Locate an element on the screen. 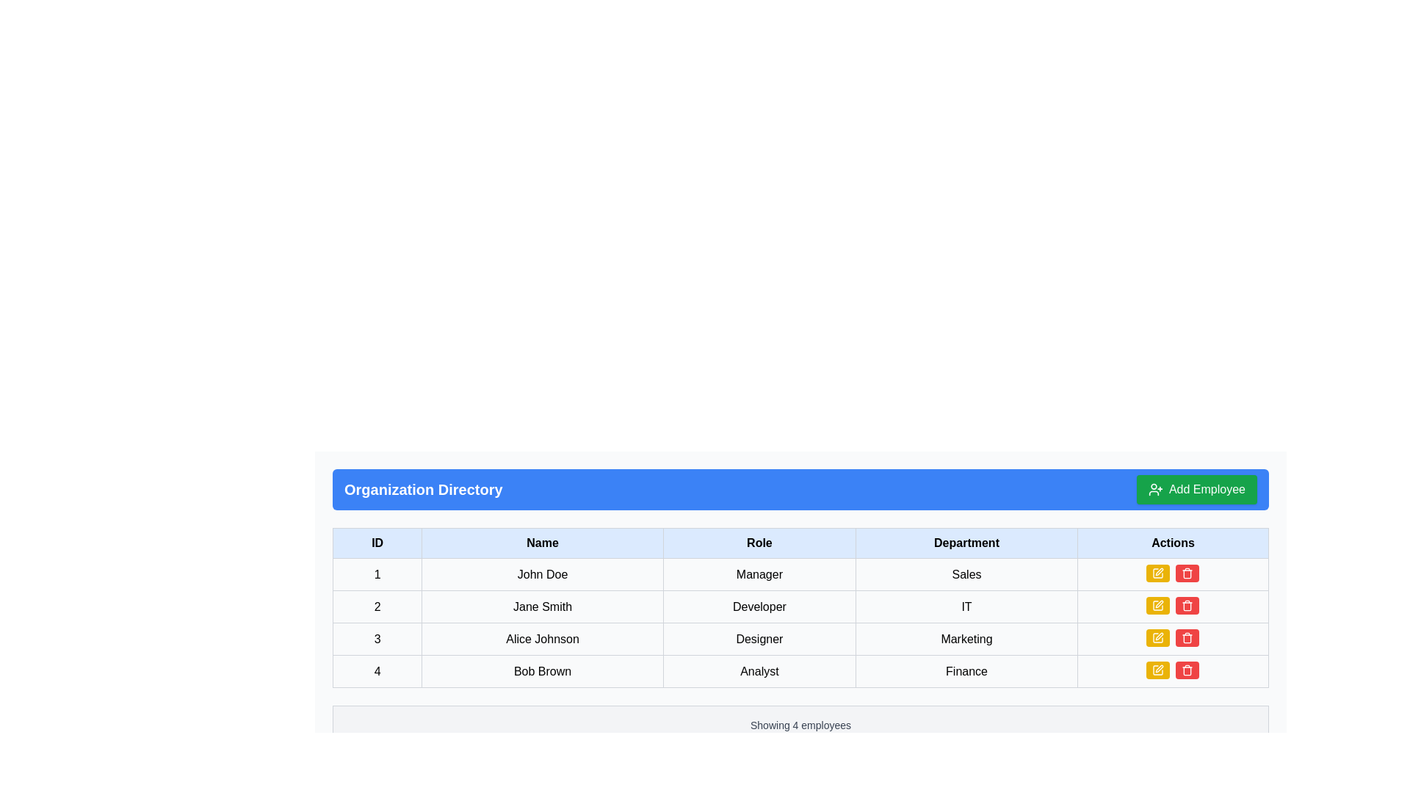 This screenshot has height=793, width=1410. the trash can icon located in the 'Actions' column of the fourth row in the table is located at coordinates (1187, 638).